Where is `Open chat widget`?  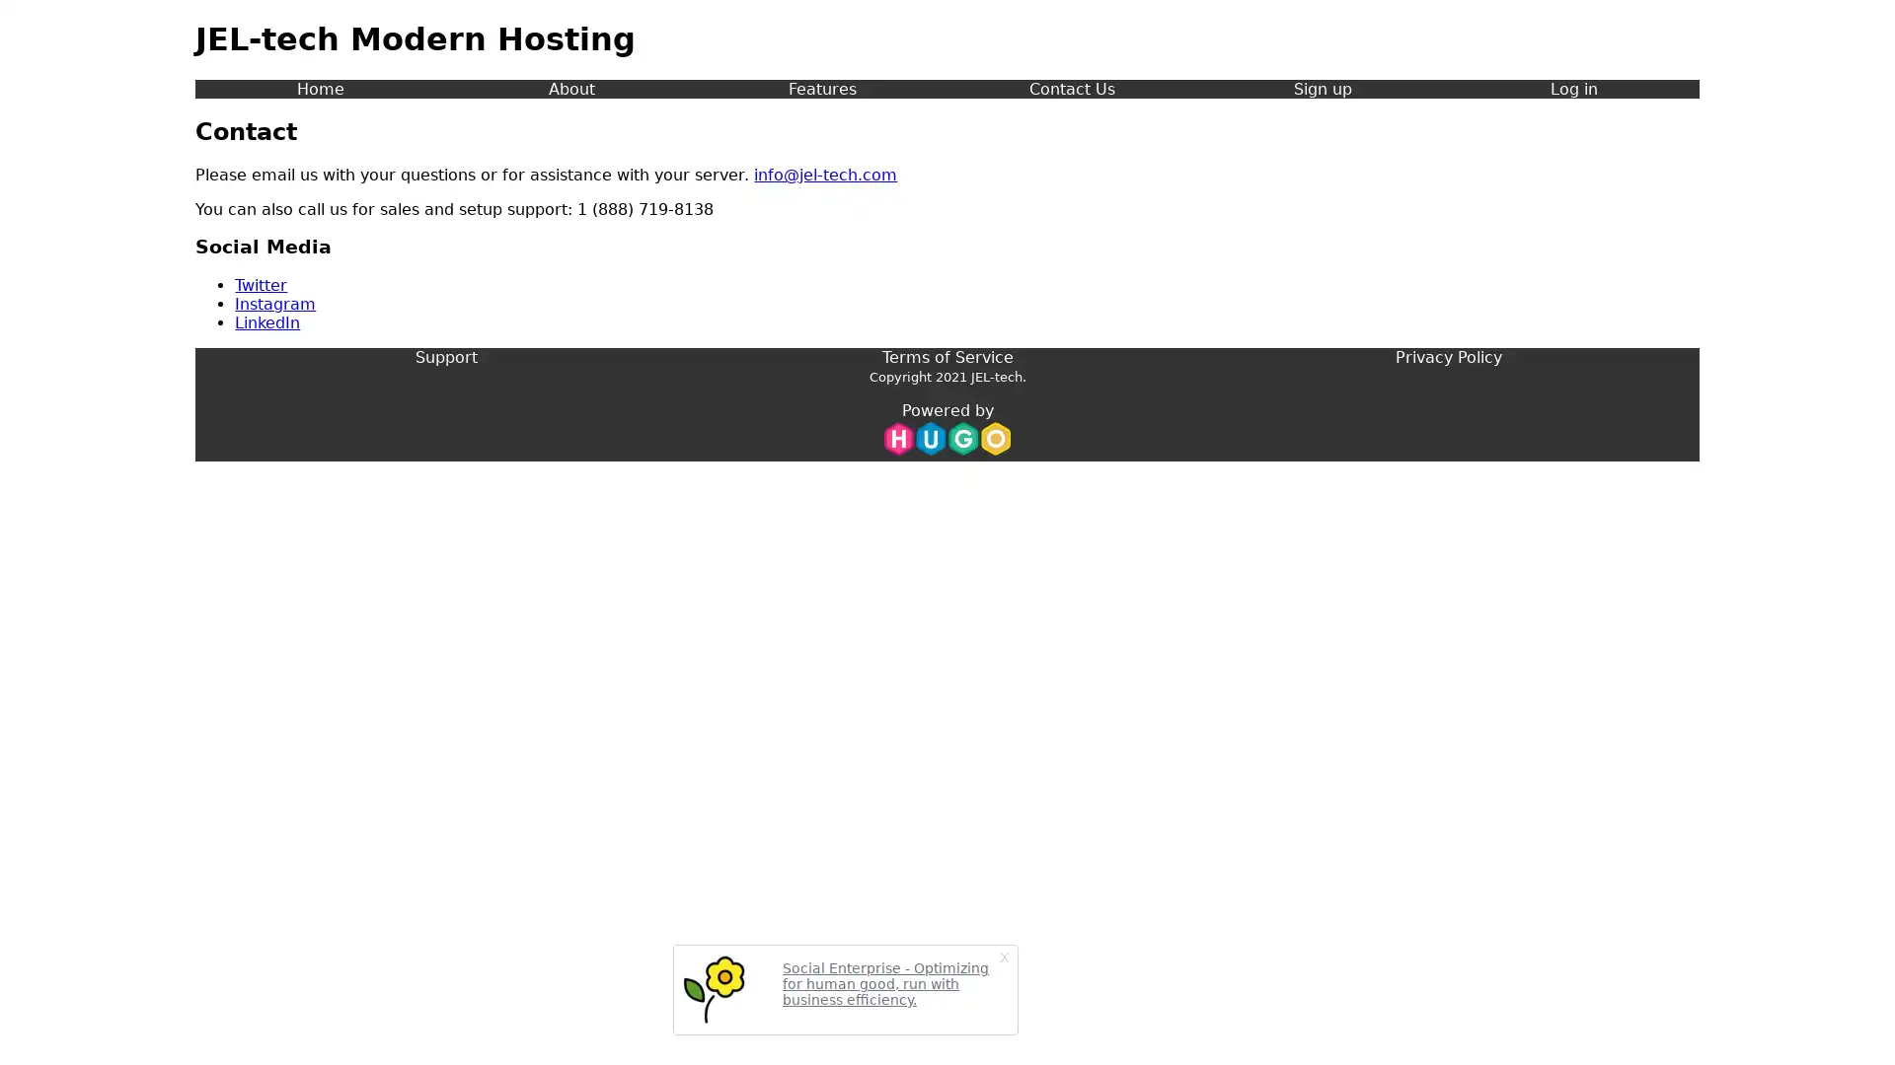
Open chat widget is located at coordinates (1850, 1020).